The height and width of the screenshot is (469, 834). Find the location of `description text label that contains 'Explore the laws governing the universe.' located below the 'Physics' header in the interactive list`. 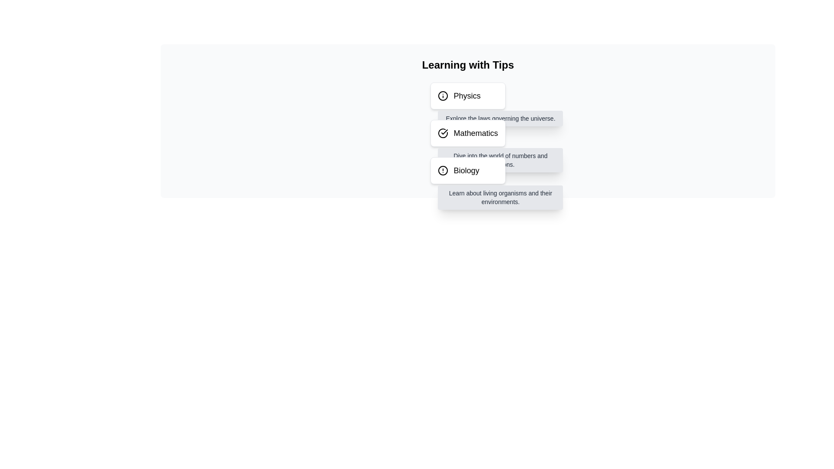

description text label that contains 'Explore the laws governing the universe.' located below the 'Physics' header in the interactive list is located at coordinates (500, 119).